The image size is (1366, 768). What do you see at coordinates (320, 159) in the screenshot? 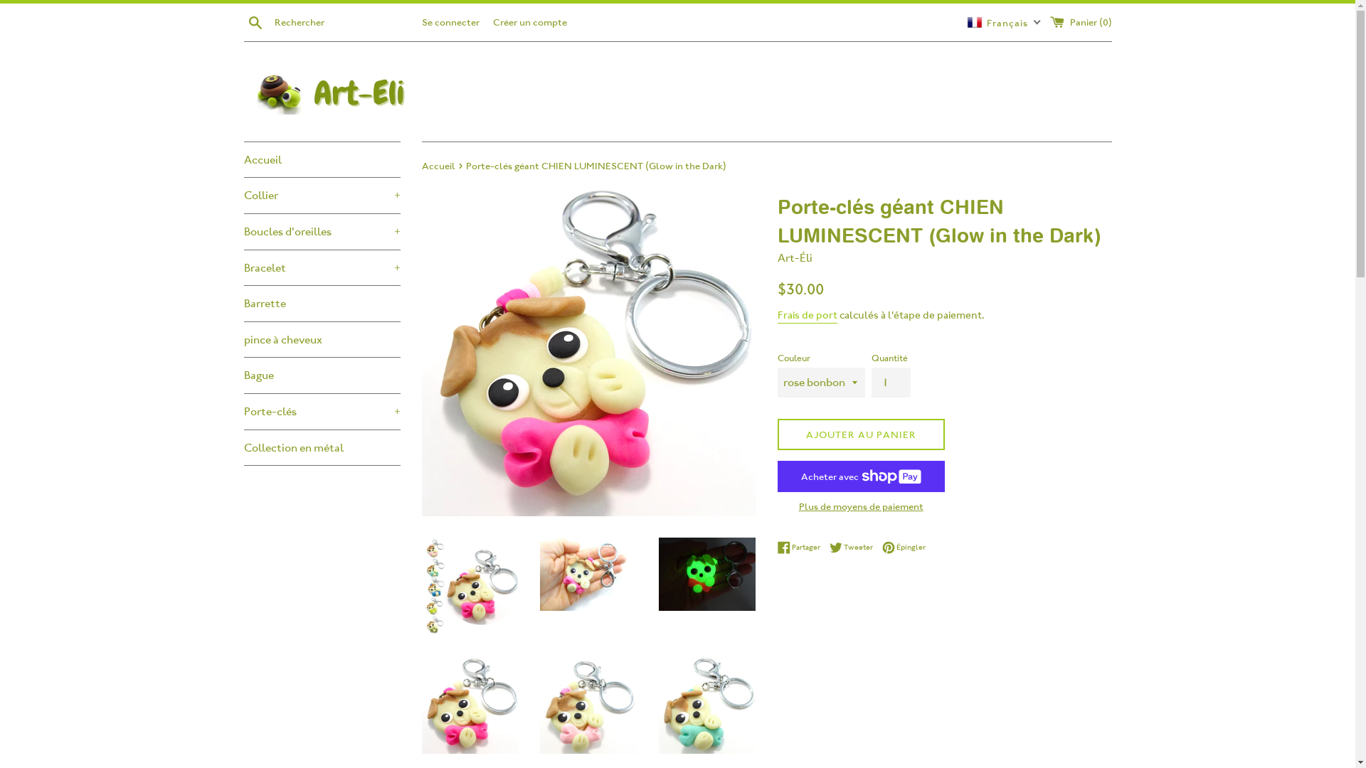
I see `'Accueil'` at bounding box center [320, 159].